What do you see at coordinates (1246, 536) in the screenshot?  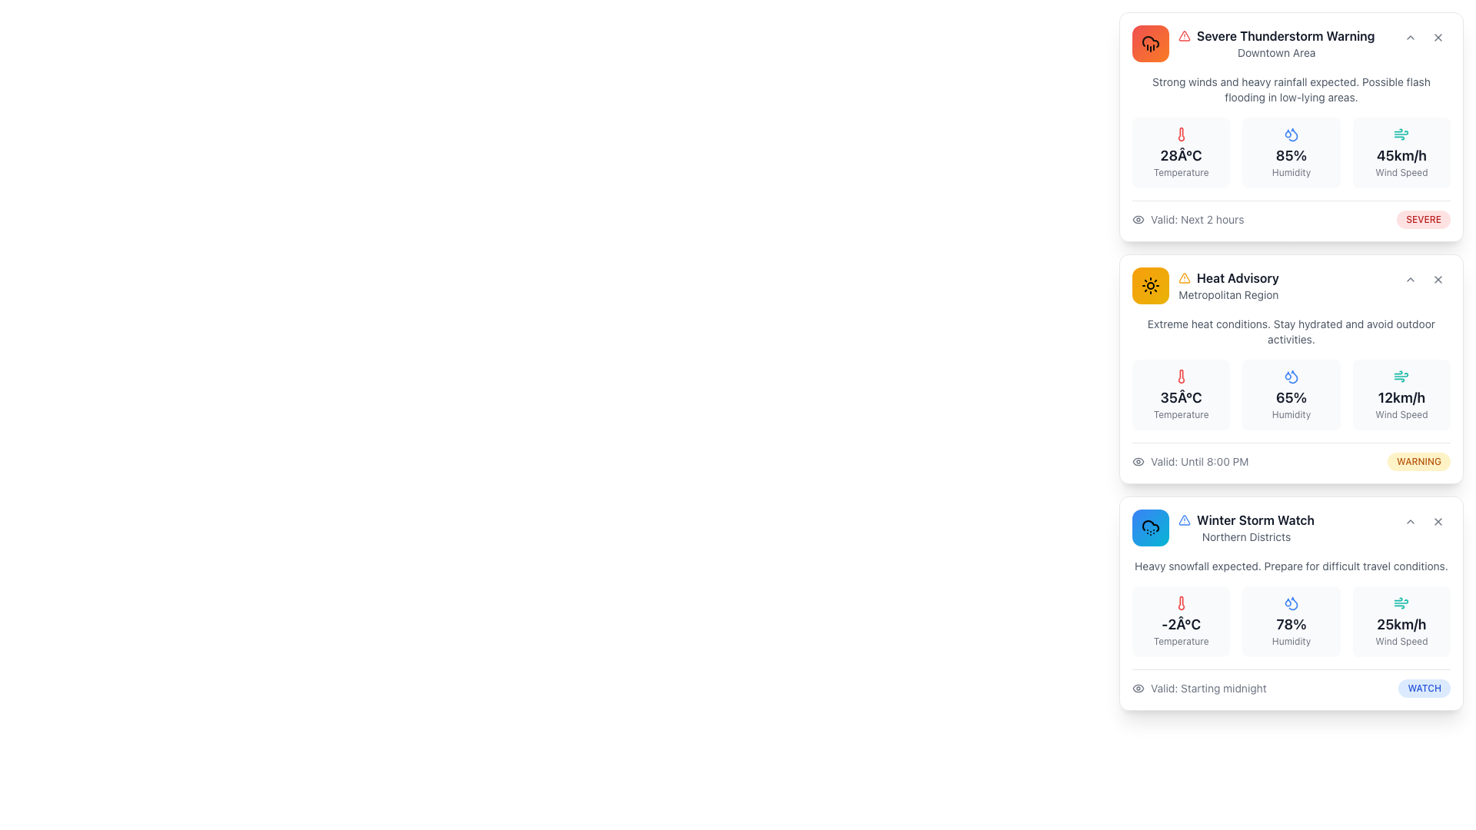 I see `the Text label that provides additional location information for the 'Winter Storm Watch', positioned directly below the 'Winter Storm Watch' title` at bounding box center [1246, 536].